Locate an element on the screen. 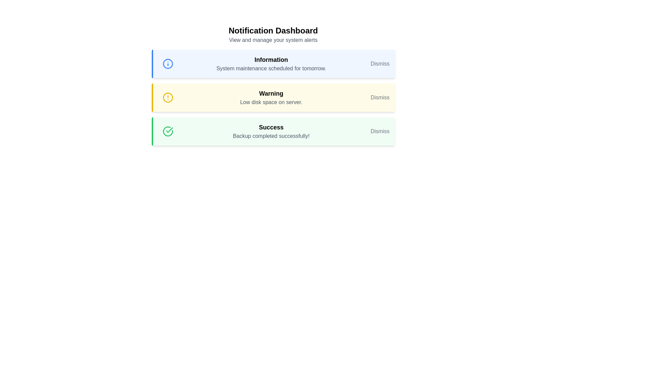 The height and width of the screenshot is (365, 649). the warning icon located in the yellow-background section labeled 'Warning', which is positioned on the left side adjacent to the text 'Warning' is located at coordinates (168, 98).